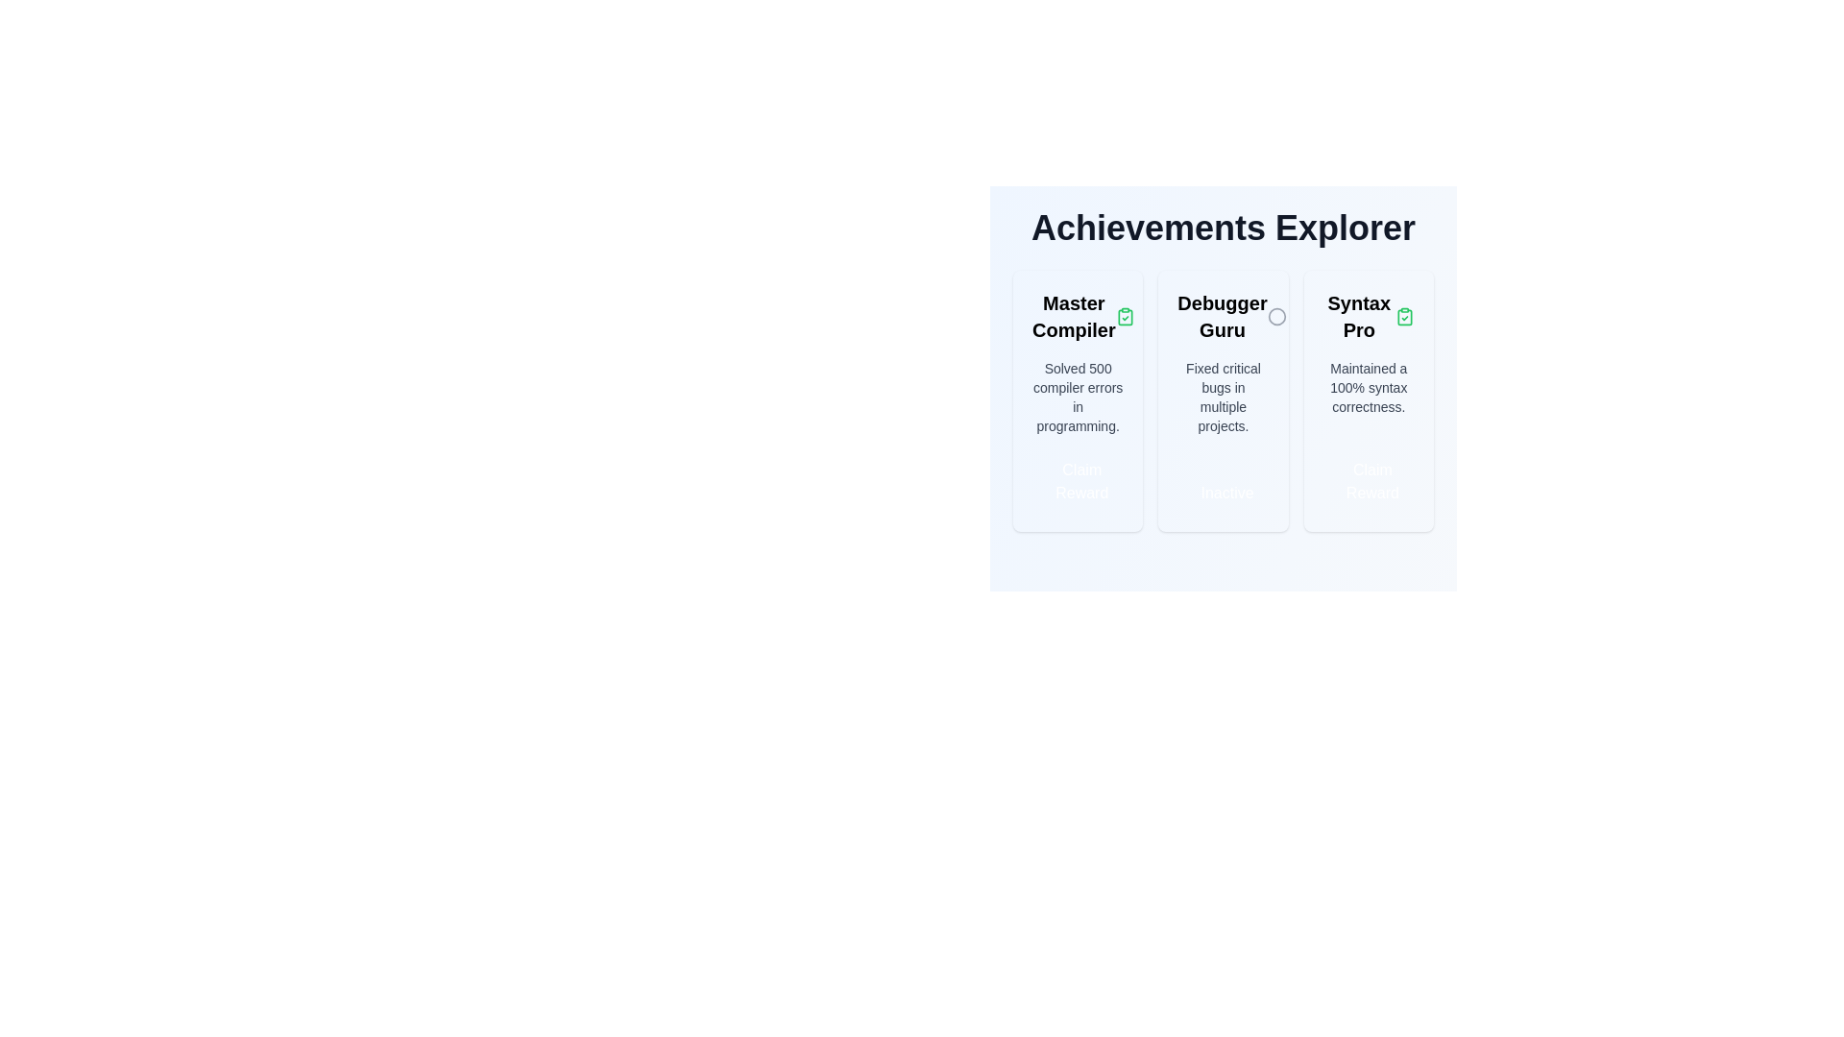  Describe the element at coordinates (1368, 399) in the screenshot. I see `title or description text of the 'Syntax Pro' Achievement Card, which is the third card in the grid layout of achievements` at that location.